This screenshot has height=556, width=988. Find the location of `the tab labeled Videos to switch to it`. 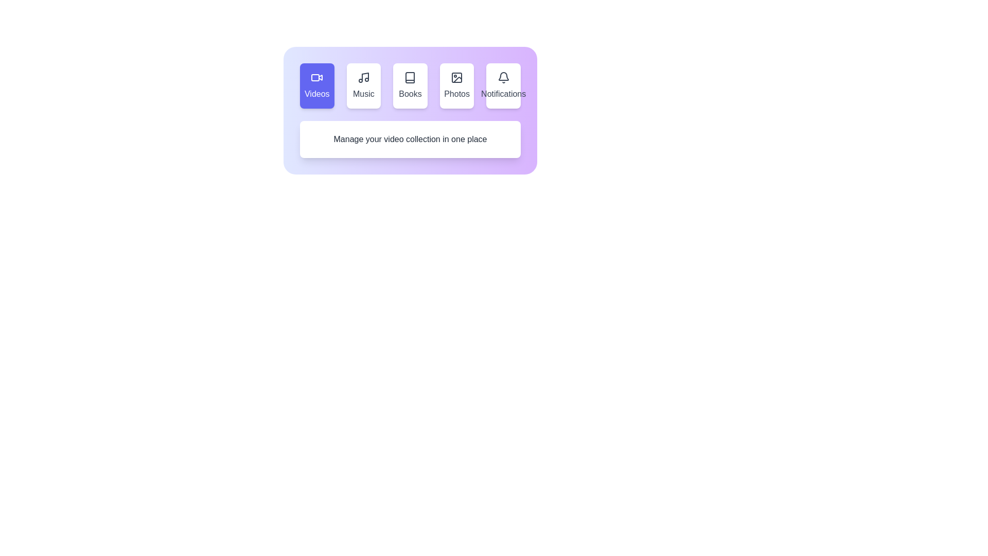

the tab labeled Videos to switch to it is located at coordinates (316, 85).